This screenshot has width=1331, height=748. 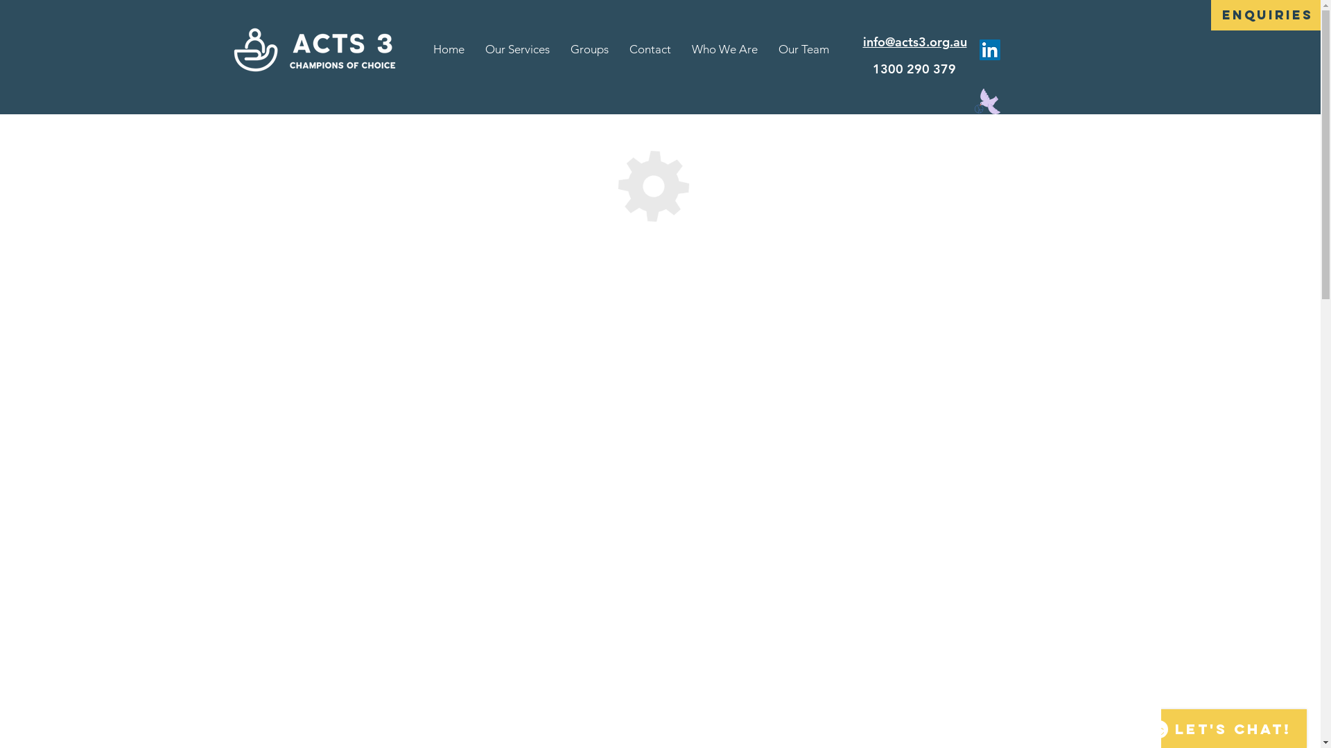 What do you see at coordinates (724, 48) in the screenshot?
I see `'Who We Are'` at bounding box center [724, 48].